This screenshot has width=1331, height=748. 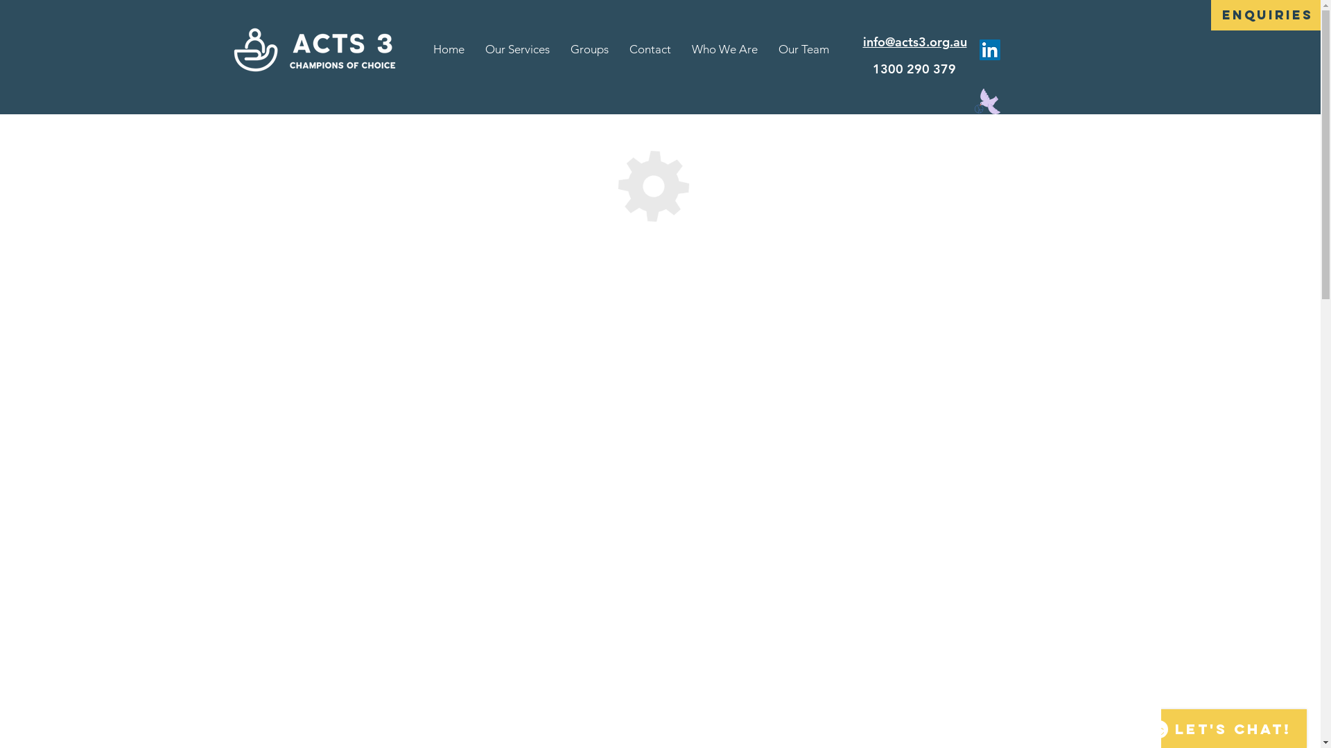 What do you see at coordinates (724, 48) in the screenshot?
I see `'Who We Are'` at bounding box center [724, 48].